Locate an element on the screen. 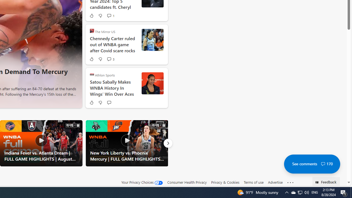 This screenshot has width=352, height=198. 'Next' is located at coordinates (167, 143).